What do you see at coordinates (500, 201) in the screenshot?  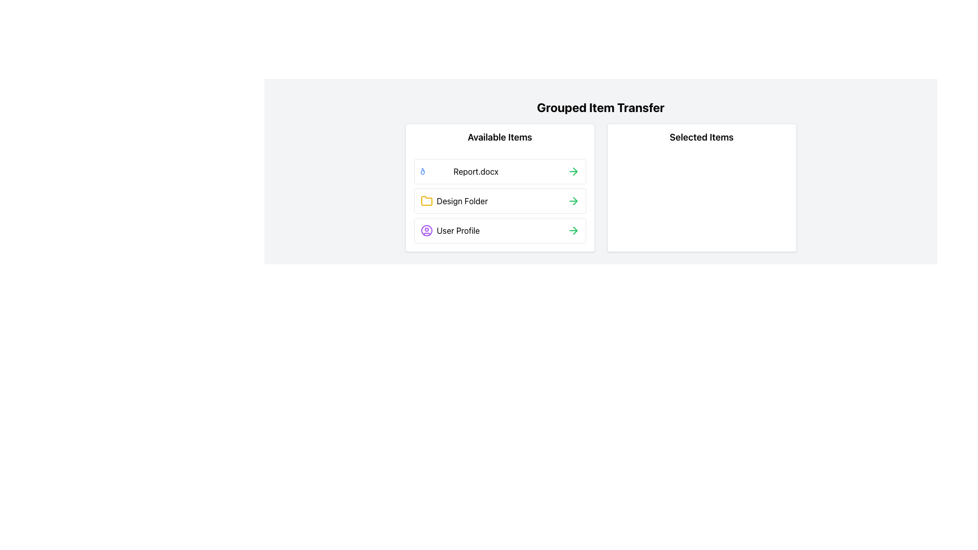 I see `the second selectable item in the 'Available Items' column` at bounding box center [500, 201].